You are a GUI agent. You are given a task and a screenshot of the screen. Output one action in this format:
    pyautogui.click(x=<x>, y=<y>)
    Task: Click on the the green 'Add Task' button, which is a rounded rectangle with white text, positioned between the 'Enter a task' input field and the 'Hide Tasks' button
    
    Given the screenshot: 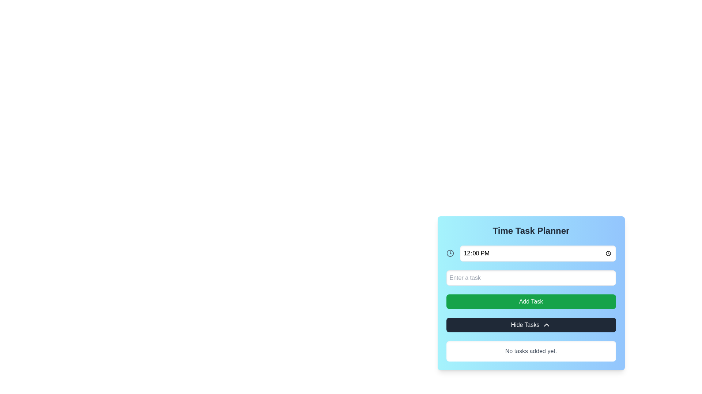 What is the action you would take?
    pyautogui.click(x=531, y=304)
    